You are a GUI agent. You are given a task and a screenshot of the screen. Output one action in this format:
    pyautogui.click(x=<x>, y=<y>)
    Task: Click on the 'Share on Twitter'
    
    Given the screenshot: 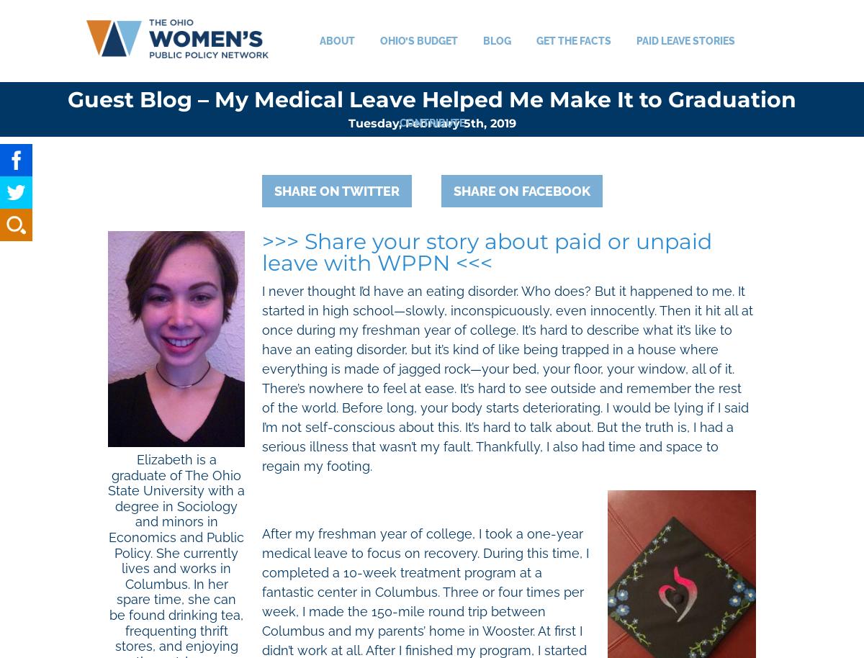 What is the action you would take?
    pyautogui.click(x=336, y=190)
    